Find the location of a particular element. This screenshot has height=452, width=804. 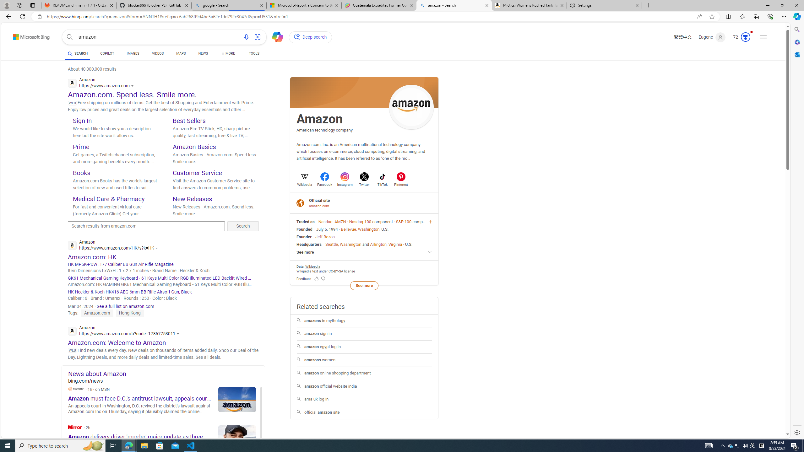

'Instagram' is located at coordinates (345, 184).